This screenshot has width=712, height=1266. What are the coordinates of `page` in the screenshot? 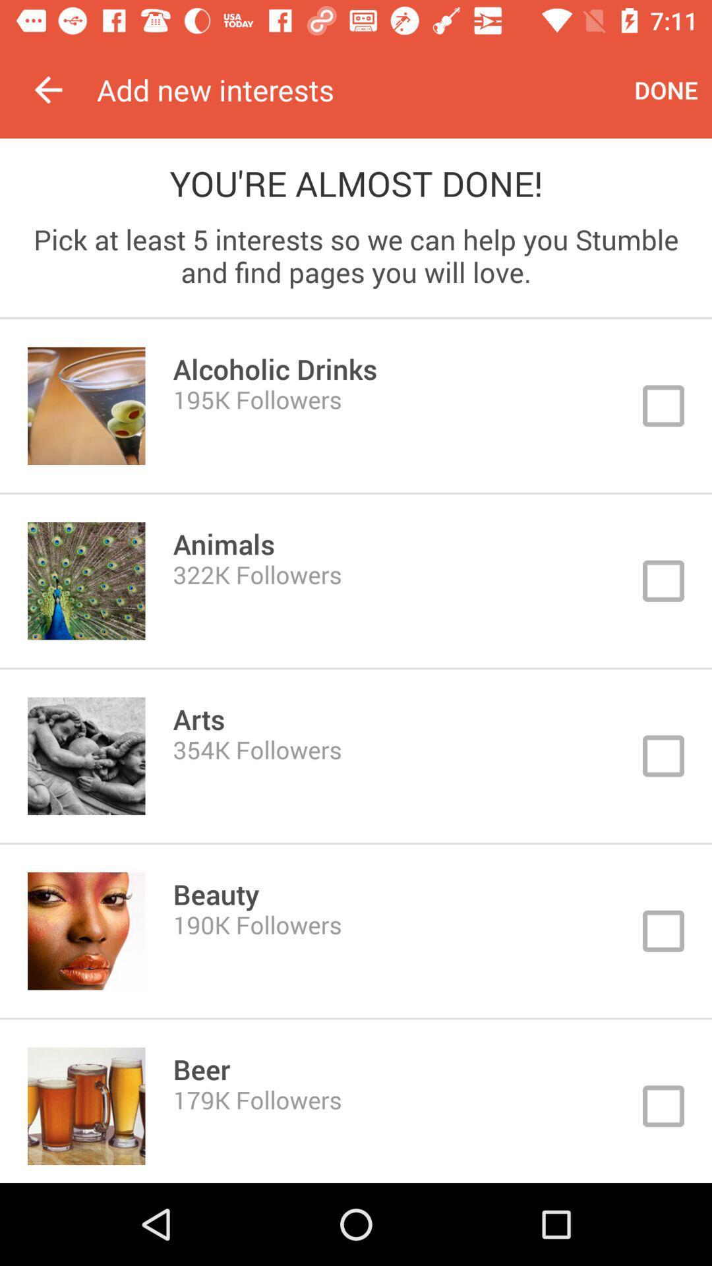 It's located at (356, 580).